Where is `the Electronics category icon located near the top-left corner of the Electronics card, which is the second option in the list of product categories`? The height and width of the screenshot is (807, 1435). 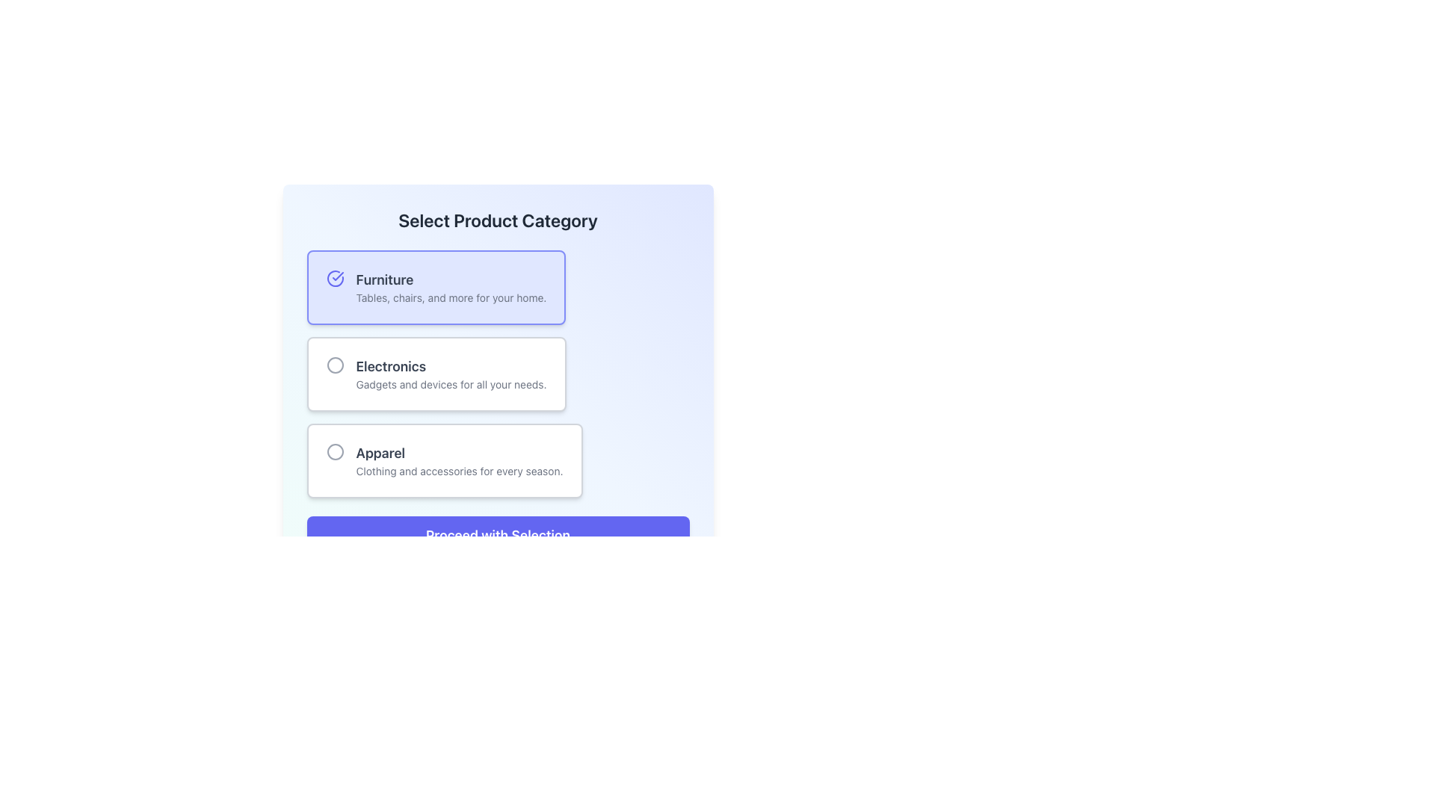 the Electronics category icon located near the top-left corner of the Electronics card, which is the second option in the list of product categories is located at coordinates (334, 365).